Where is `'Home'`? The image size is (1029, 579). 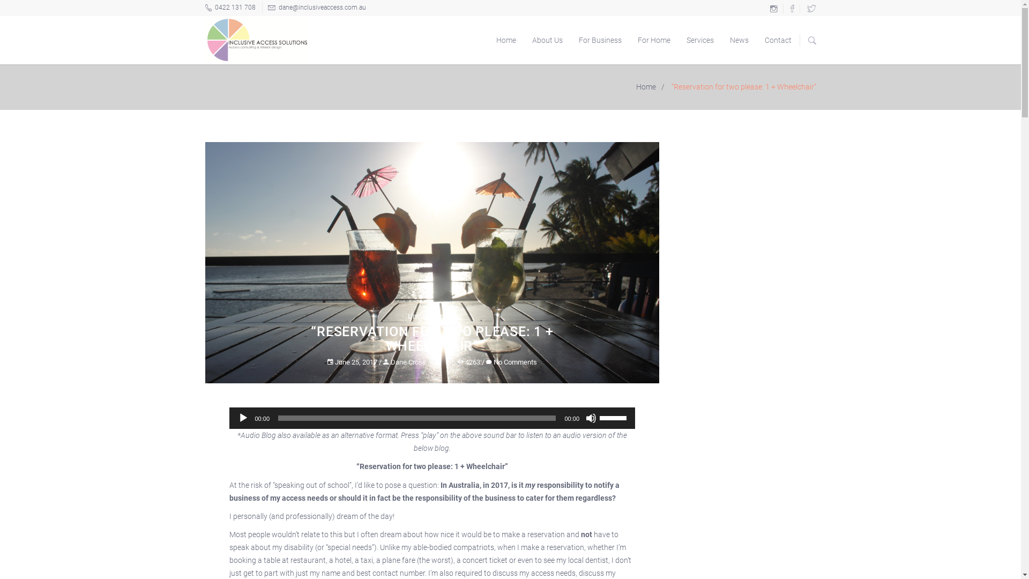
'Home' is located at coordinates (505, 39).